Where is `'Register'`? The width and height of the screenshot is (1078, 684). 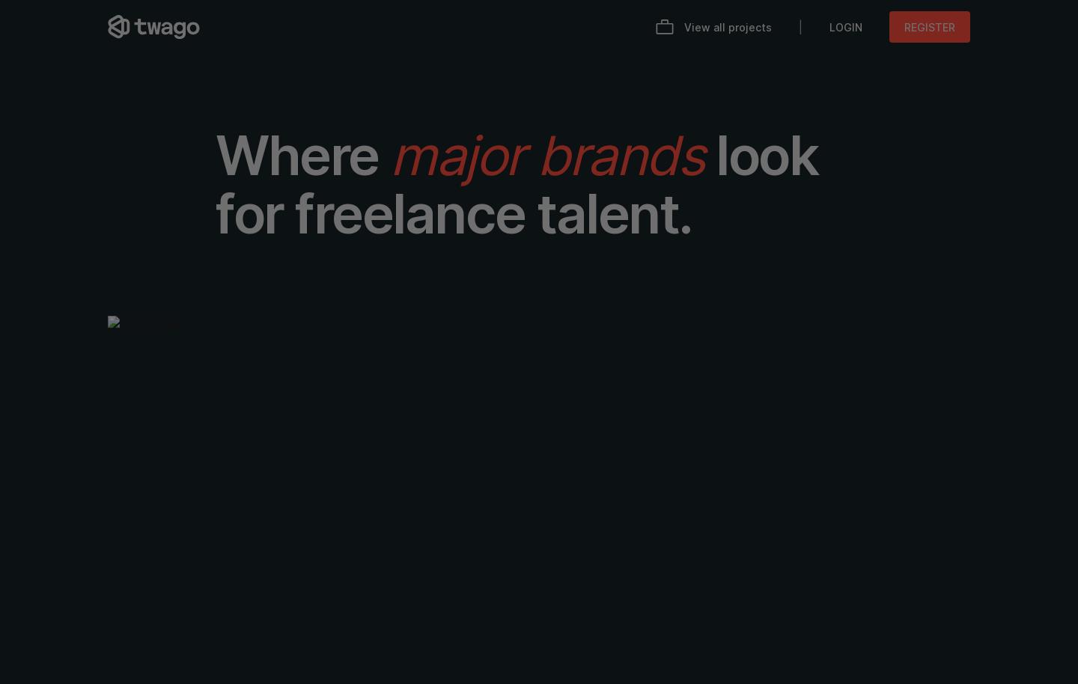
'Register' is located at coordinates (929, 26).